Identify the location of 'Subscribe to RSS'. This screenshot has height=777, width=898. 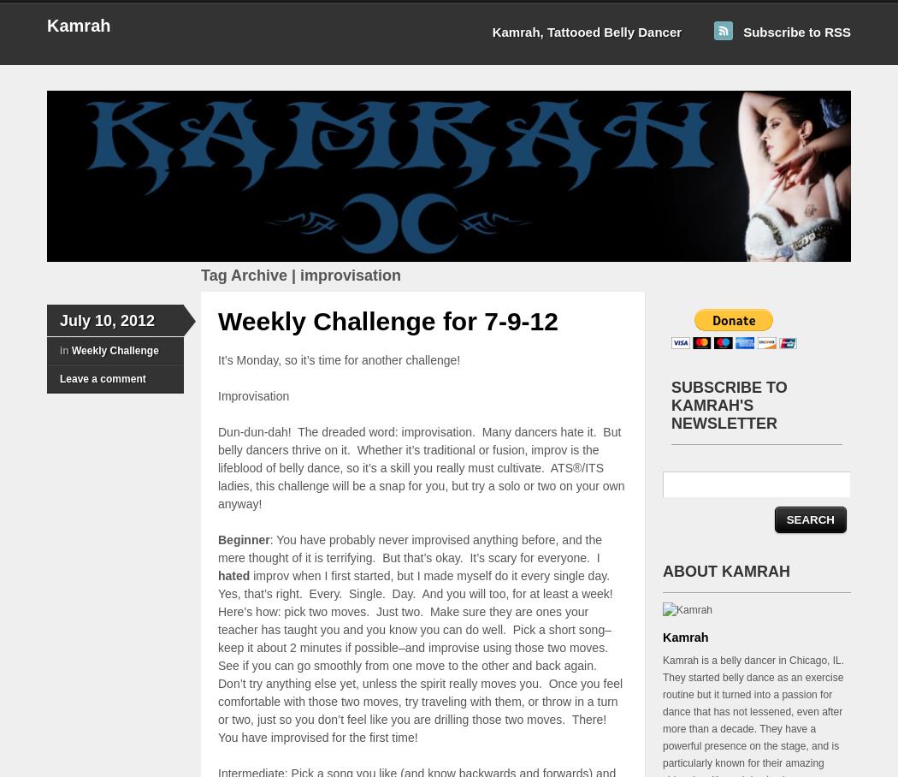
(796, 31).